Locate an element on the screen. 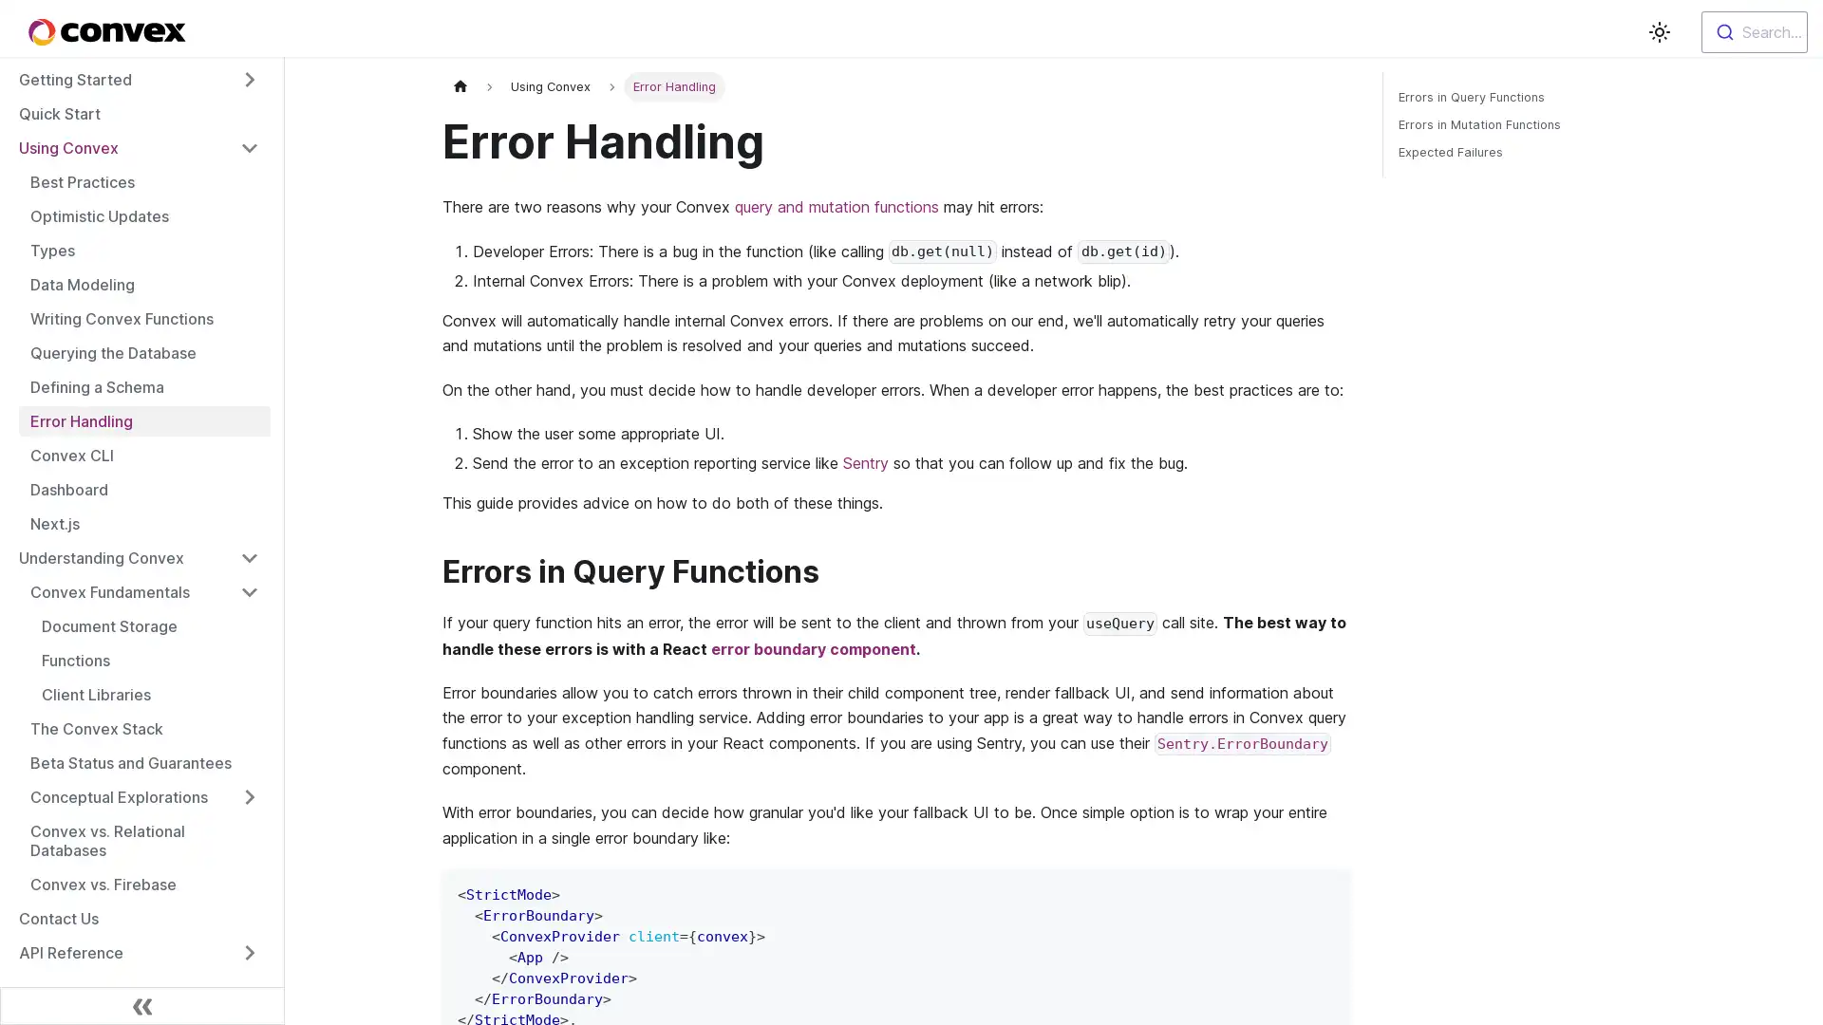 The image size is (1823, 1025). Toggle the collapsible sidebar category 'Using Convex' is located at coordinates (249, 146).